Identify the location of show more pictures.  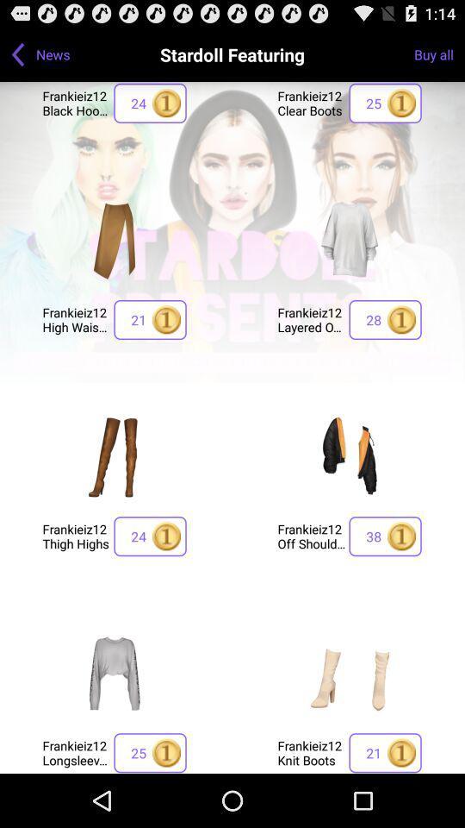
(115, 238).